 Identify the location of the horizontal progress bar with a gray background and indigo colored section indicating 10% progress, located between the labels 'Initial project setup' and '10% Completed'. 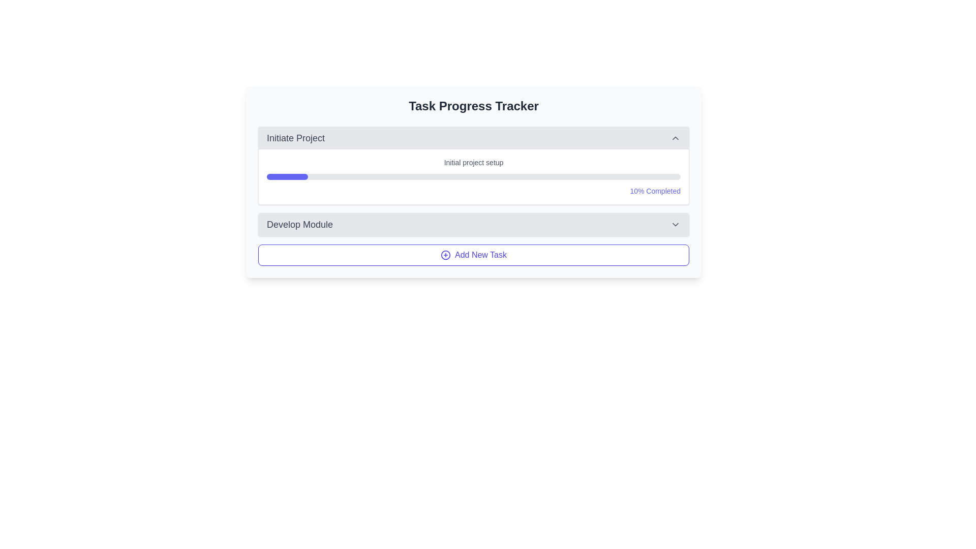
(473, 176).